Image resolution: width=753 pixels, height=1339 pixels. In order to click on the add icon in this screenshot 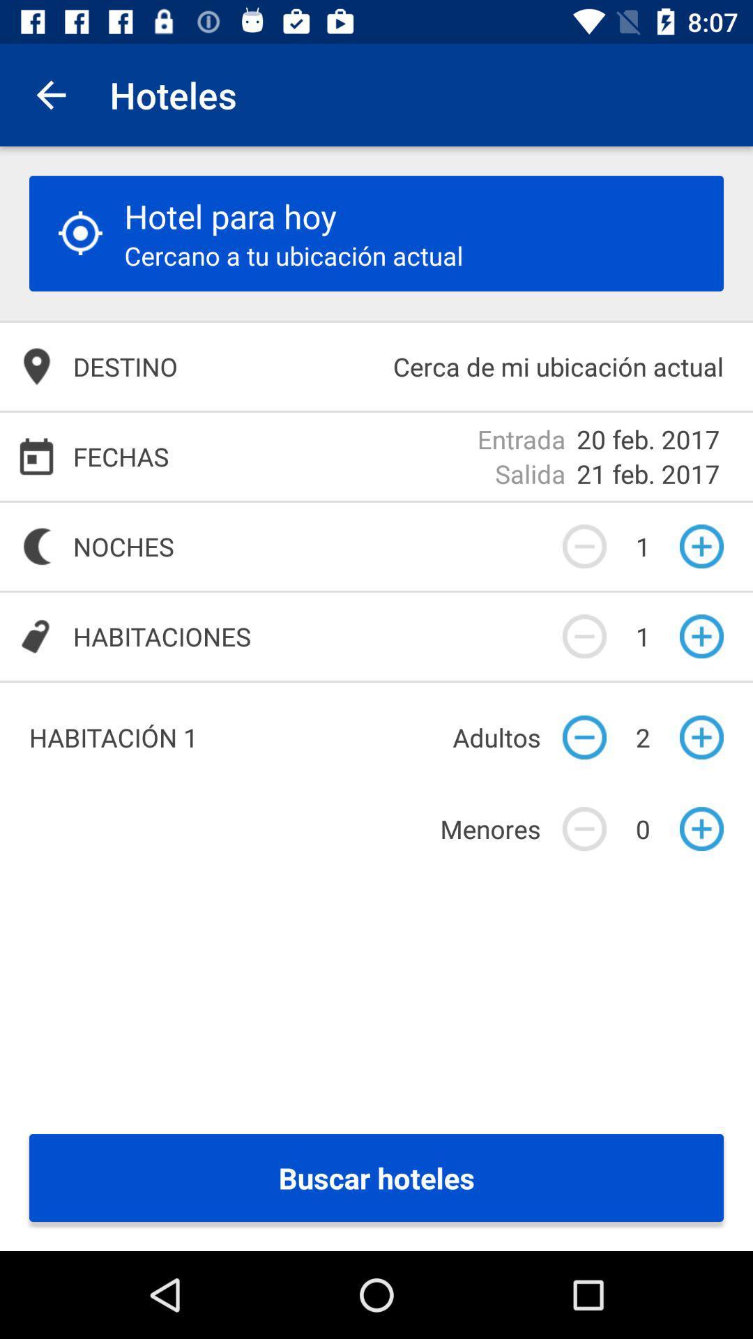, I will do `click(701, 829)`.